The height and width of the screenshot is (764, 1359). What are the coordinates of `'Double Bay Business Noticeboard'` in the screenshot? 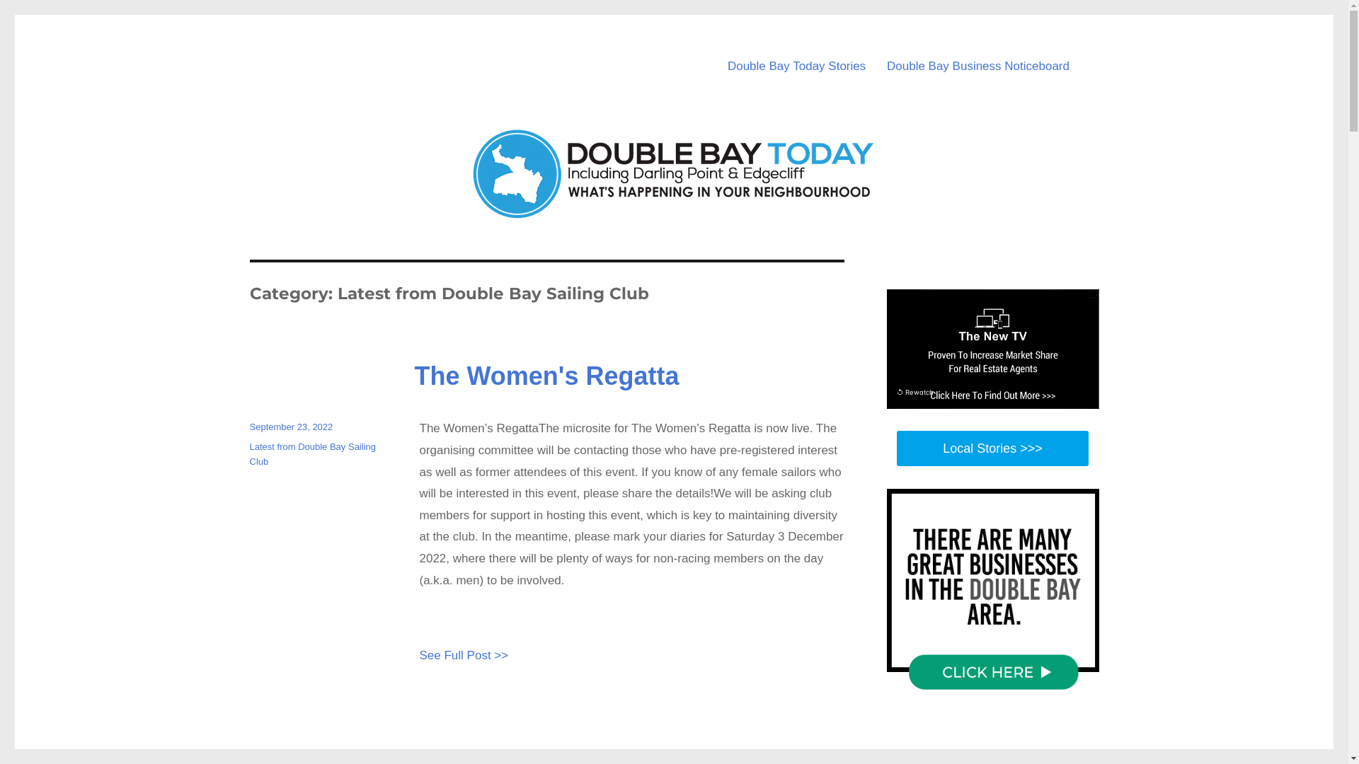 It's located at (977, 66).